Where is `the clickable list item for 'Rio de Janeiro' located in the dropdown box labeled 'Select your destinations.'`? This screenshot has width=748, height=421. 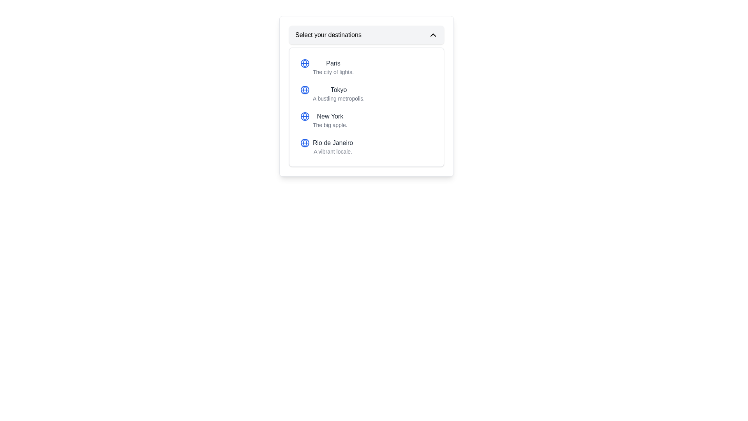
the clickable list item for 'Rio de Janeiro' located in the dropdown box labeled 'Select your destinations.' is located at coordinates (366, 147).